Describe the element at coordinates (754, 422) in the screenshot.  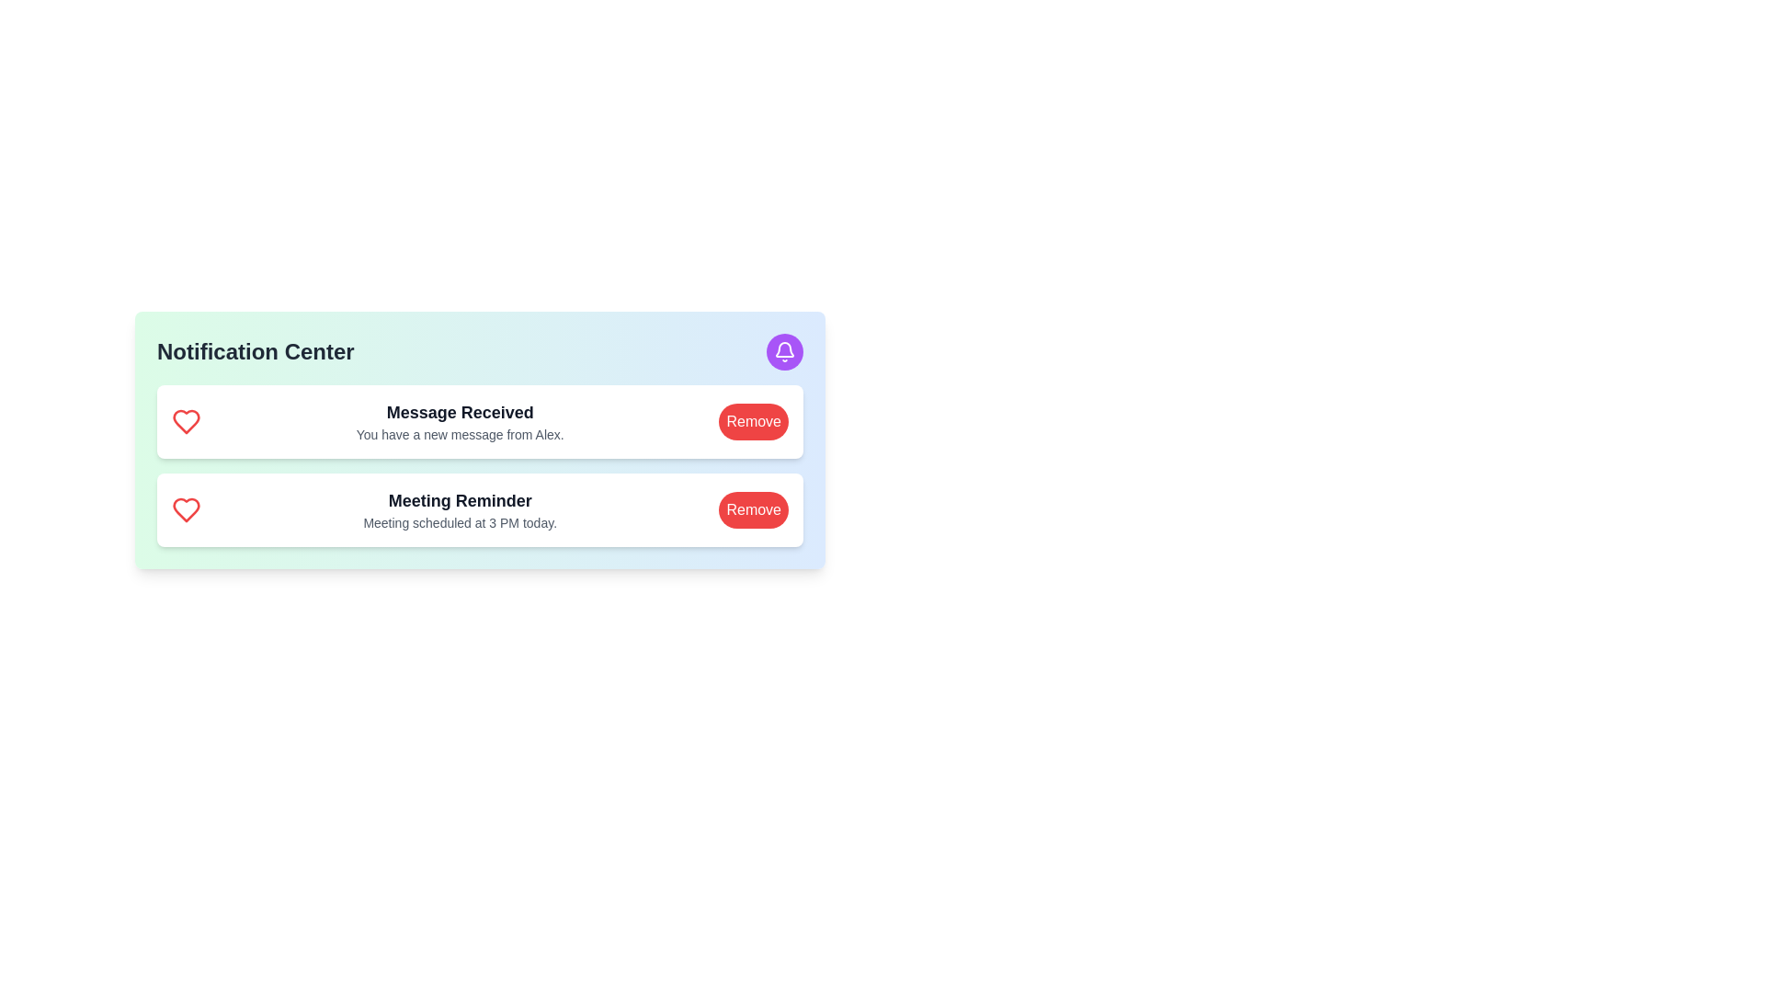
I see `the red button labeled 'Remove'` at that location.